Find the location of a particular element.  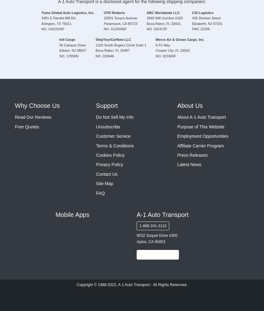

'ABC Worldwide LLC' is located at coordinates (163, 12).